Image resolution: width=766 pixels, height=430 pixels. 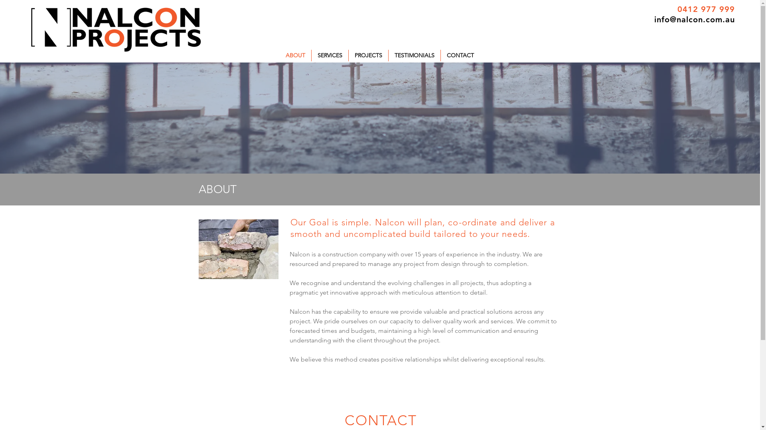 What do you see at coordinates (440, 55) in the screenshot?
I see `'CONTACT'` at bounding box center [440, 55].